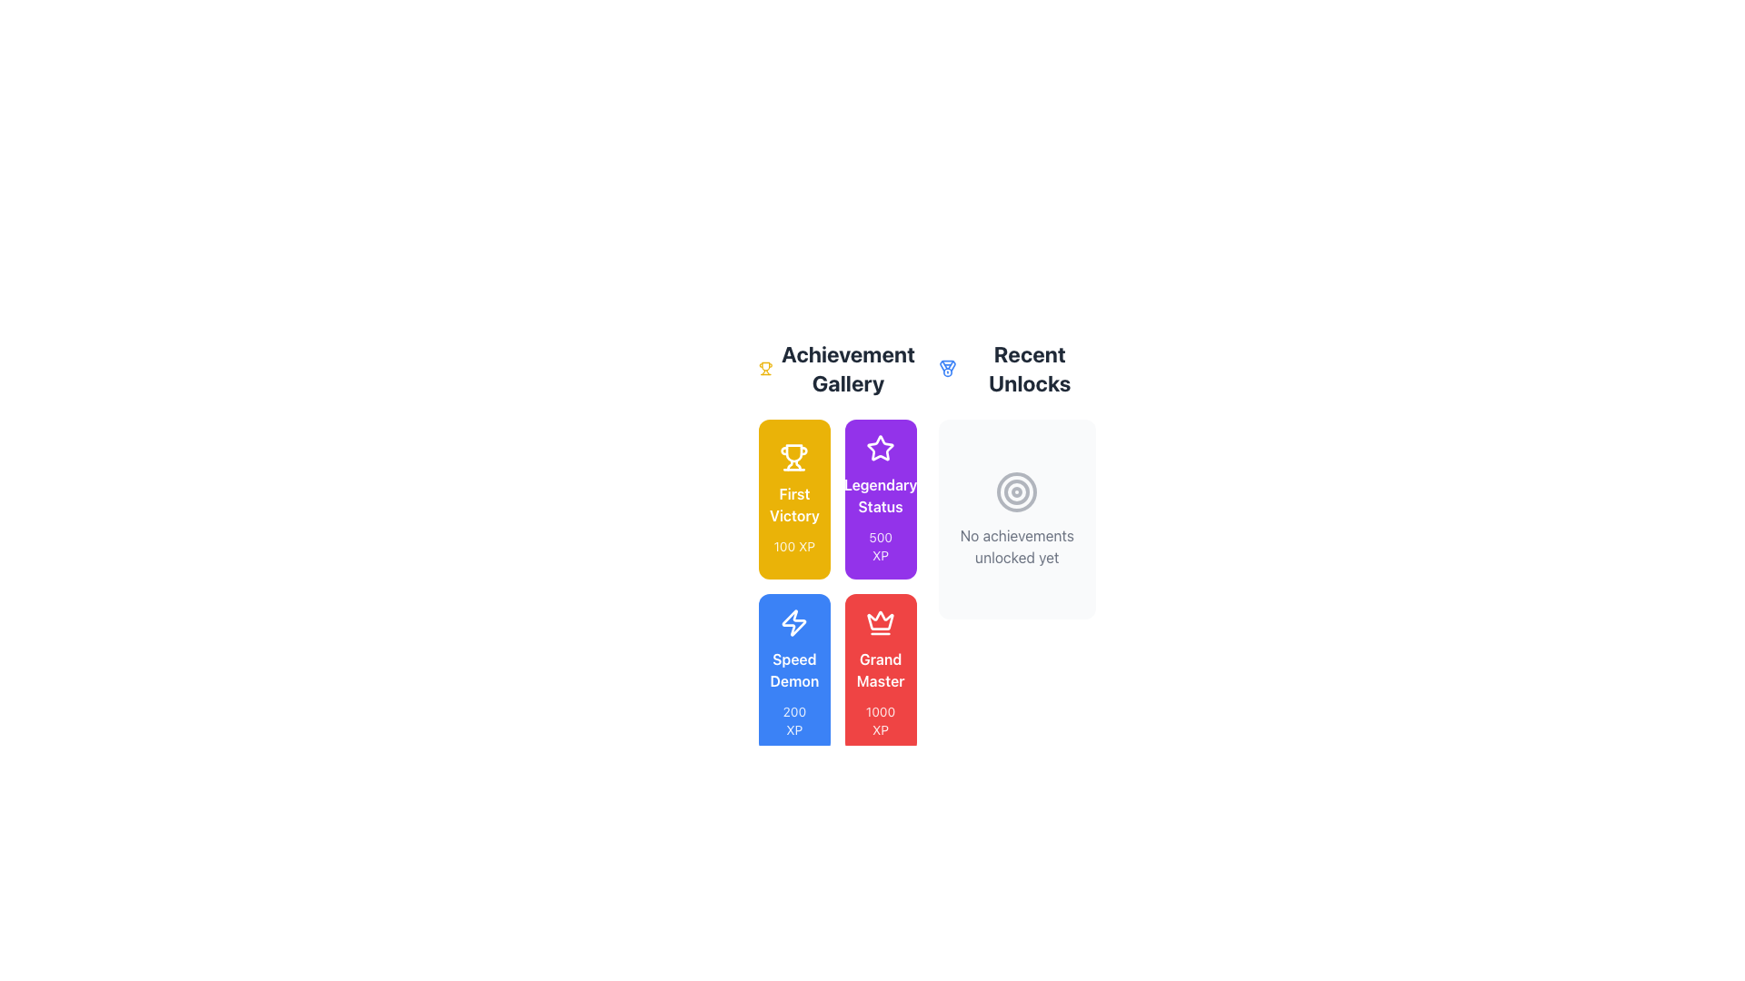 Image resolution: width=1745 pixels, height=981 pixels. I want to click on the text label indicating that no achievements have been unlocked yet, located in the 'Recent Unlocks' section beneath the circular target icon, so click(1016, 545).